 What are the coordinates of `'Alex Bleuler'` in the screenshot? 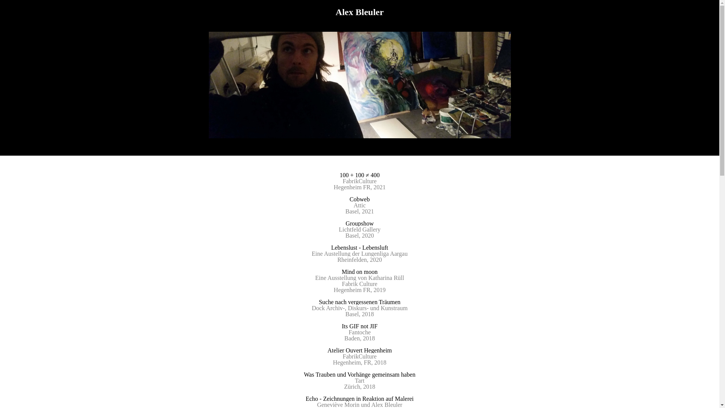 It's located at (359, 12).